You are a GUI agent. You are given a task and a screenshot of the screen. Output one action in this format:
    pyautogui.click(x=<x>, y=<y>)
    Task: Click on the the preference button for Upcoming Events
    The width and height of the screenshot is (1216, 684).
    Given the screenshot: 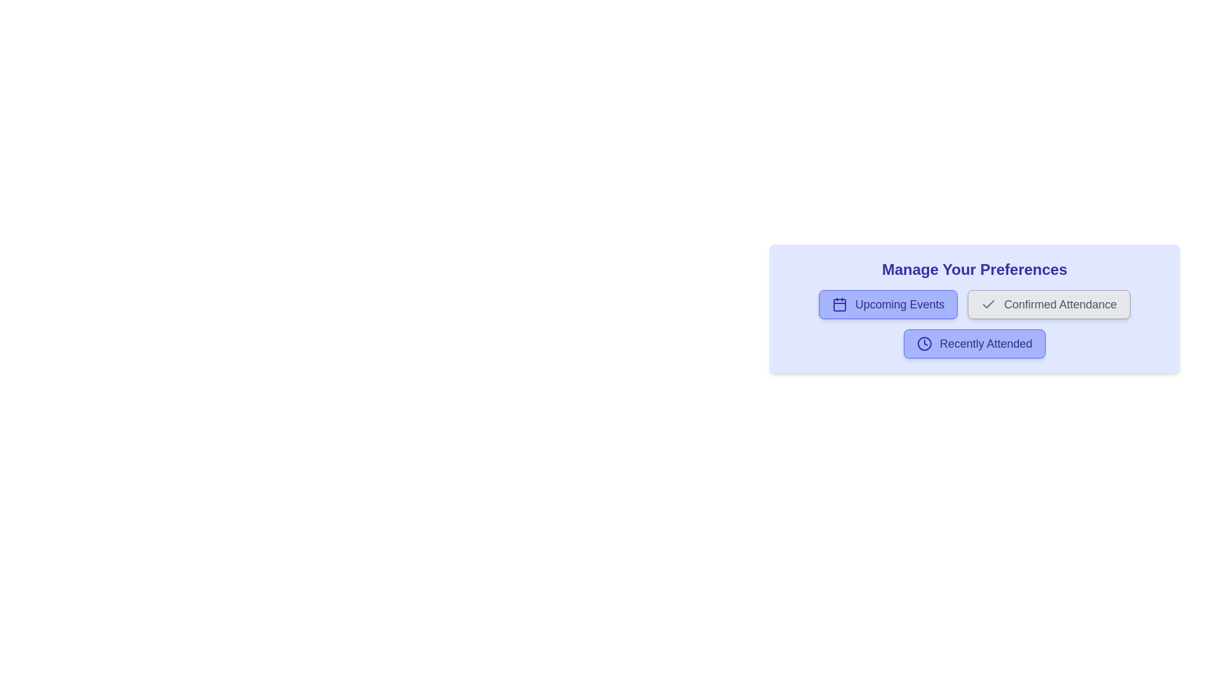 What is the action you would take?
    pyautogui.click(x=887, y=305)
    